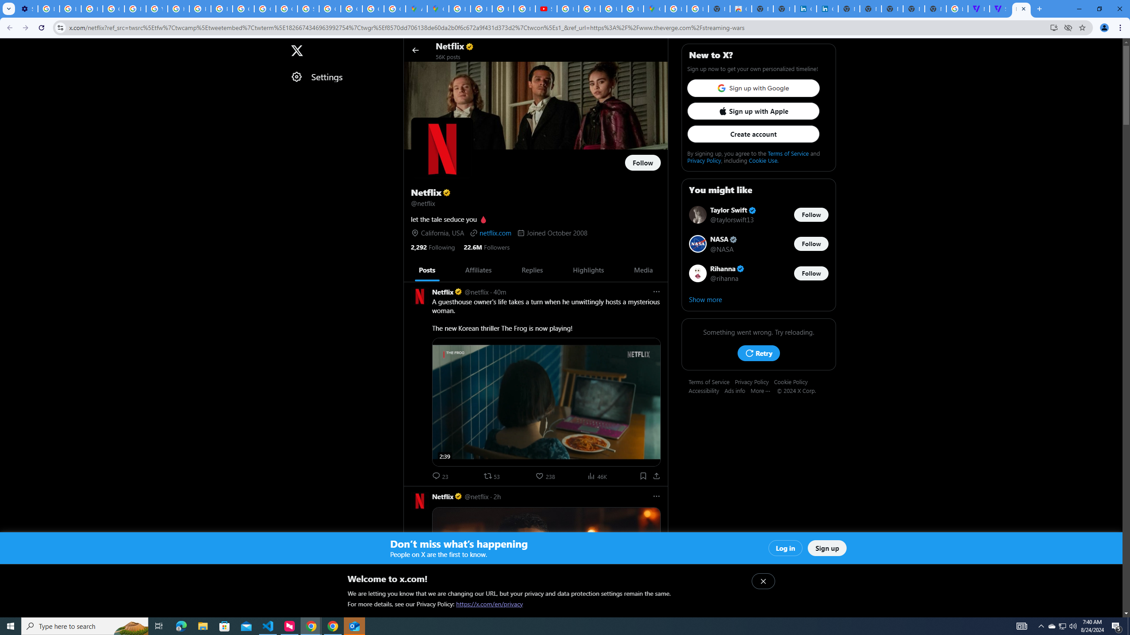 The width and height of the screenshot is (1130, 635). Describe the element at coordinates (706, 390) in the screenshot. I see `'Accessibility'` at that location.